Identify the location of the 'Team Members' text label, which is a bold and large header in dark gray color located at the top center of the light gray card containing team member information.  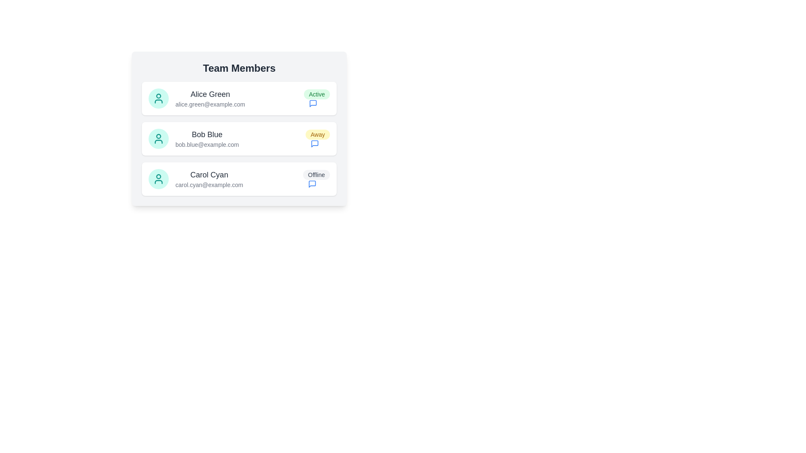
(239, 68).